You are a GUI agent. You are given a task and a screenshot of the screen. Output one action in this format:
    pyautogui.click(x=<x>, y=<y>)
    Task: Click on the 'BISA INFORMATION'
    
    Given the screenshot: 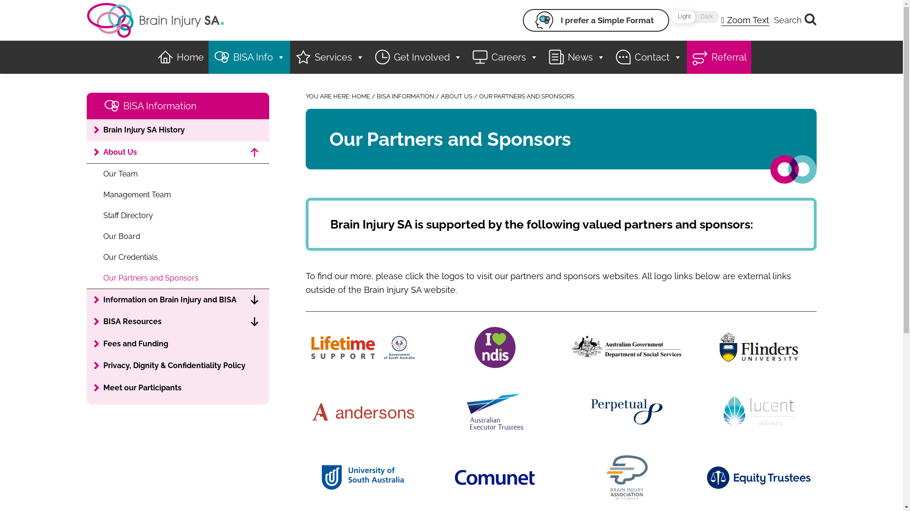 What is the action you would take?
    pyautogui.click(x=375, y=96)
    